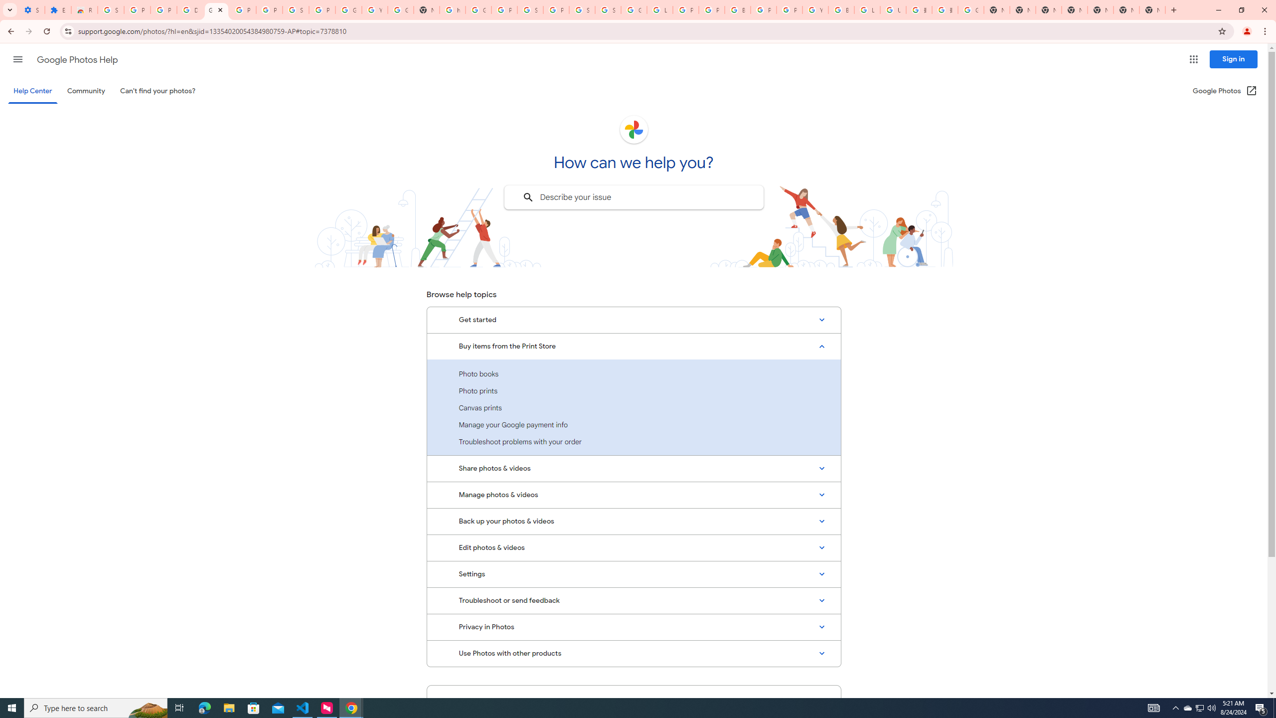 The image size is (1276, 718). I want to click on 'Google Photos Help', so click(77, 59).